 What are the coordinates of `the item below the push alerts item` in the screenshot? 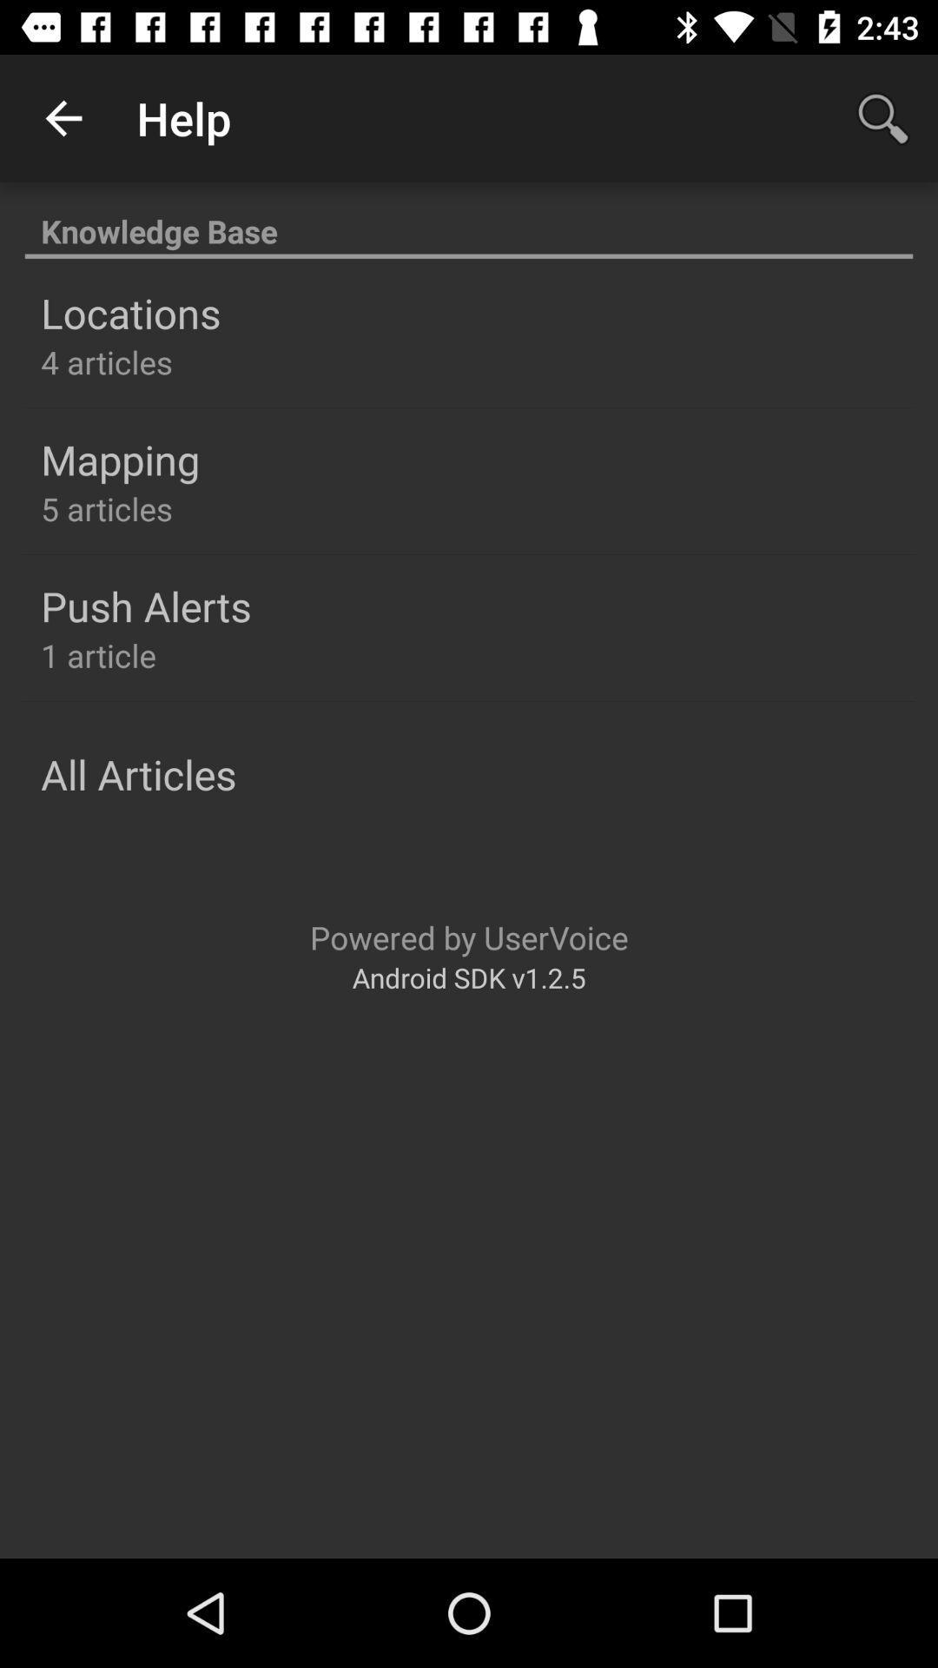 It's located at (98, 654).